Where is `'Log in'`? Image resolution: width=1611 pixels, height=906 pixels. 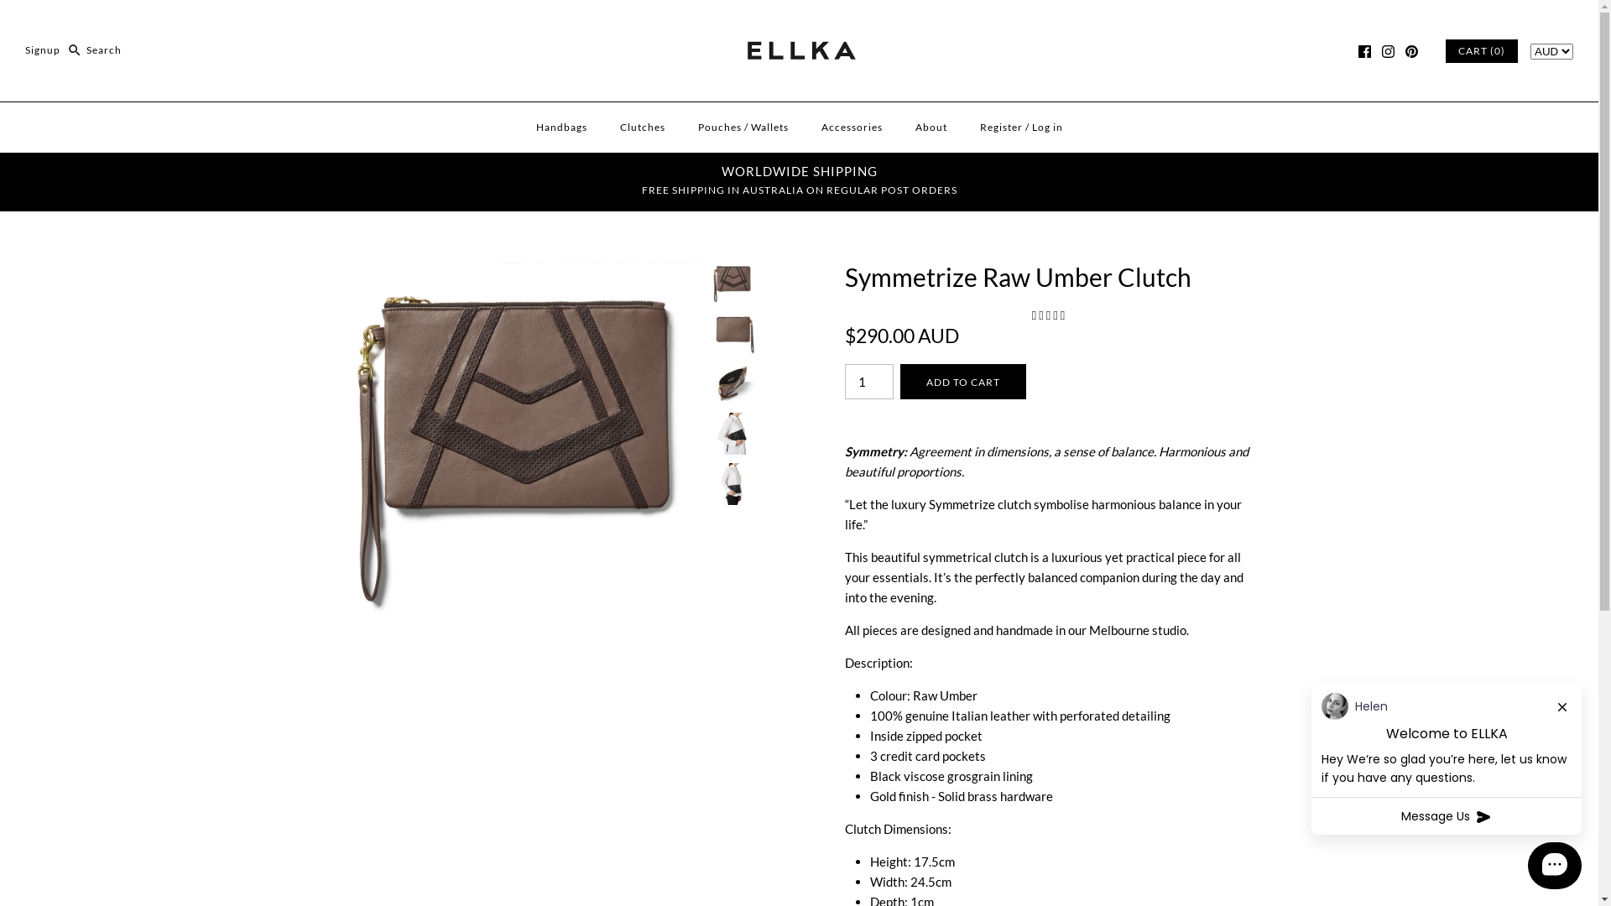 'Log in' is located at coordinates (1030, 125).